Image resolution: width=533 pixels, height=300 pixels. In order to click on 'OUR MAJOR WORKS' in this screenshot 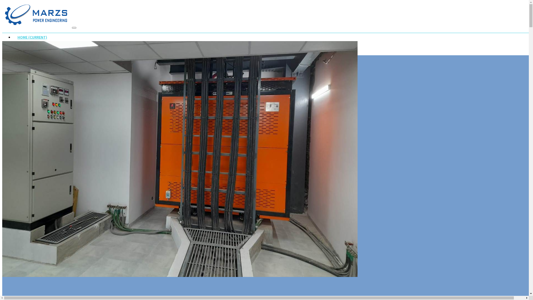, I will do `click(34, 54)`.